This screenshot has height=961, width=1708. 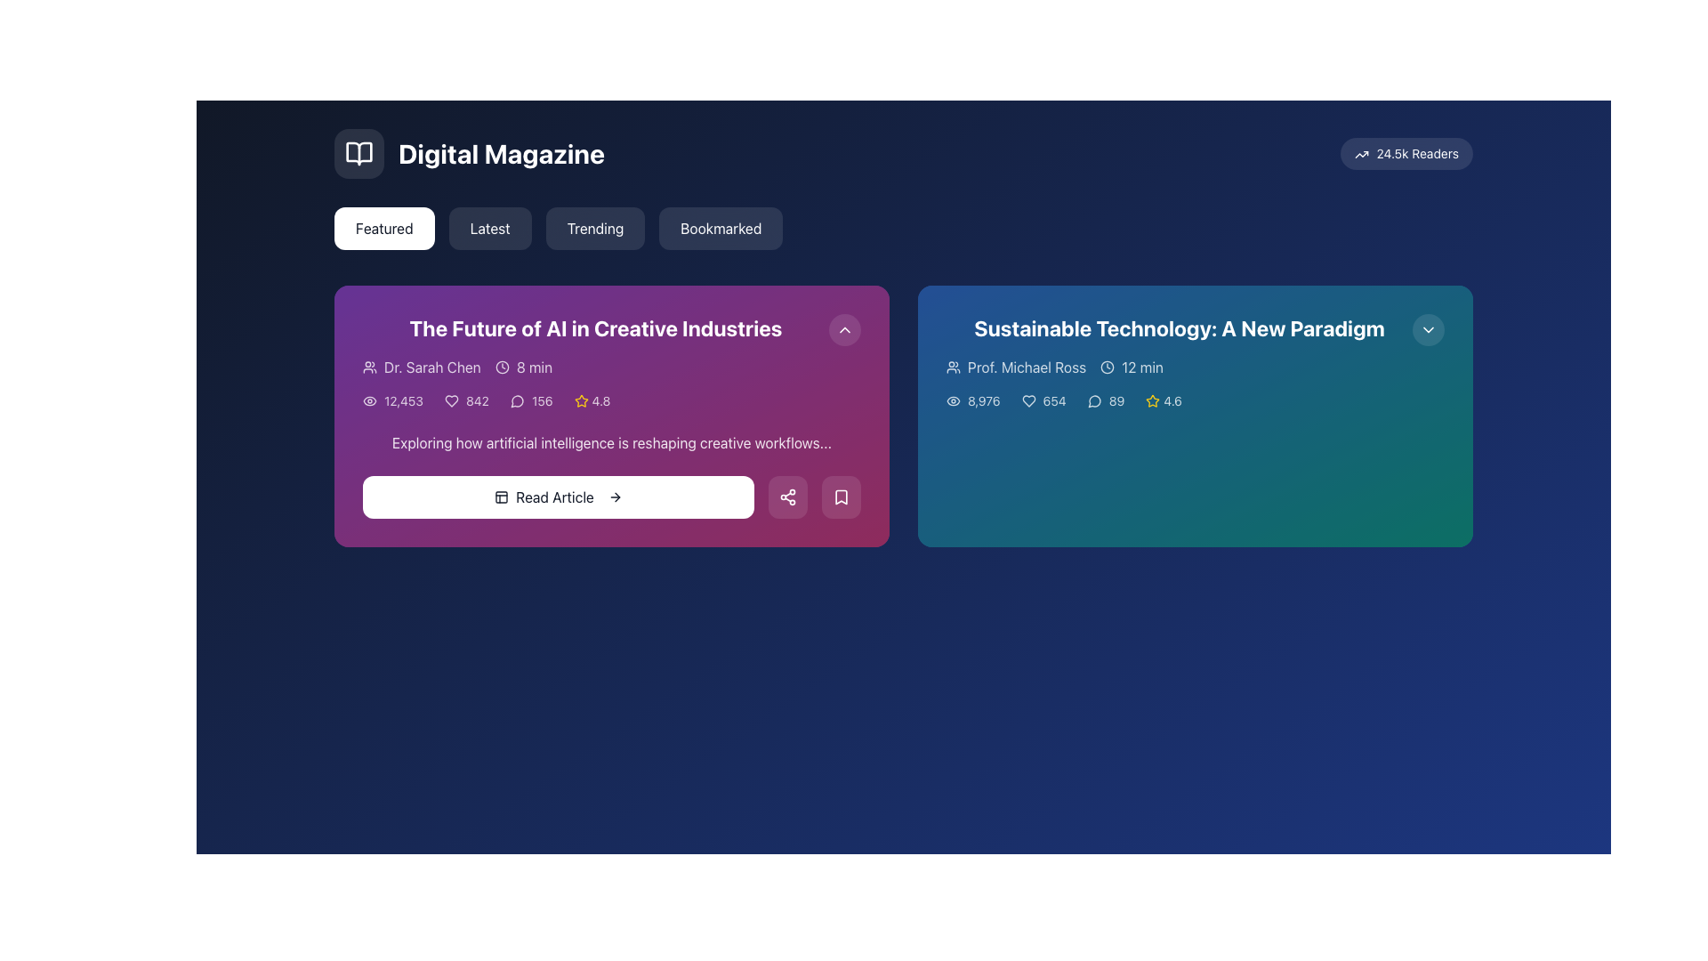 I want to click on the icon button at the central top region of the purple gradient card, so click(x=844, y=329).